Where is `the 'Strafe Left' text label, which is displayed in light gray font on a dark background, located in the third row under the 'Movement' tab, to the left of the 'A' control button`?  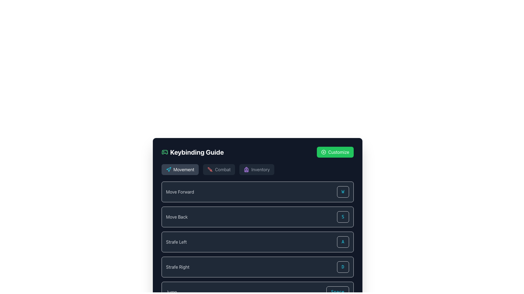 the 'Strafe Left' text label, which is displayed in light gray font on a dark background, located in the third row under the 'Movement' tab, to the left of the 'A' control button is located at coordinates (176, 241).